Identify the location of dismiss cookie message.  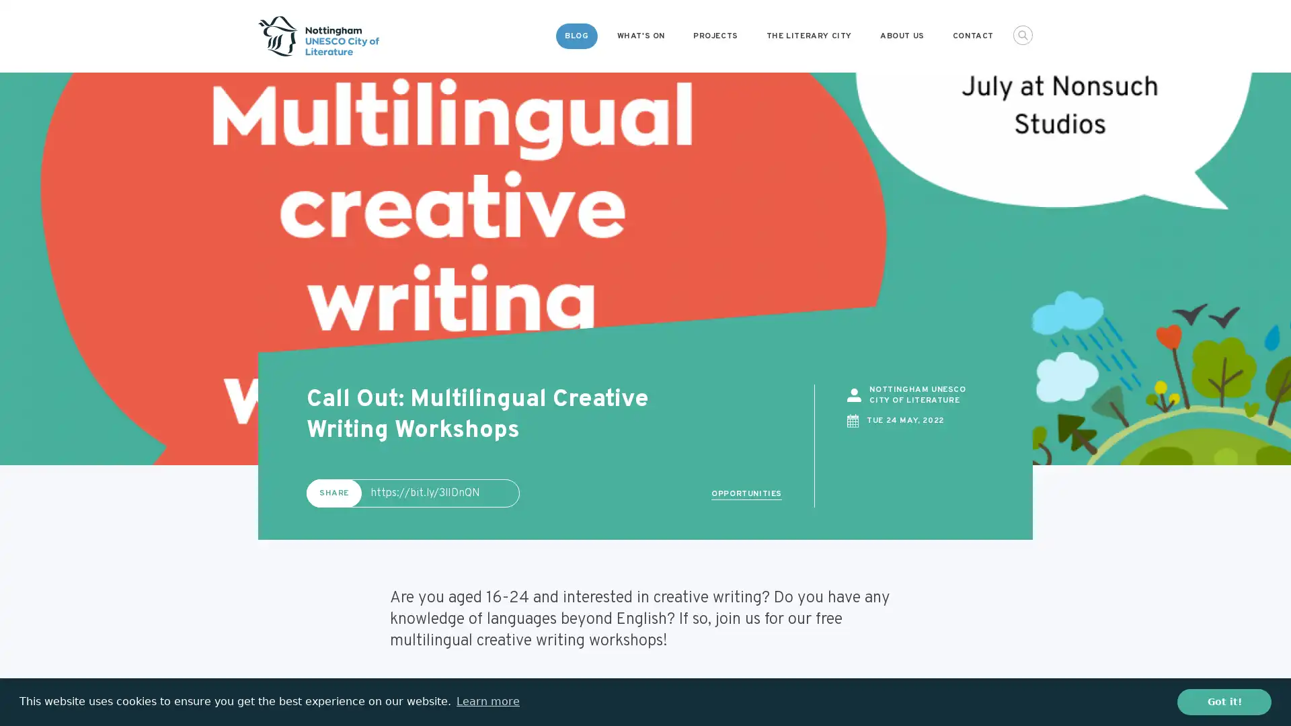
(1224, 701).